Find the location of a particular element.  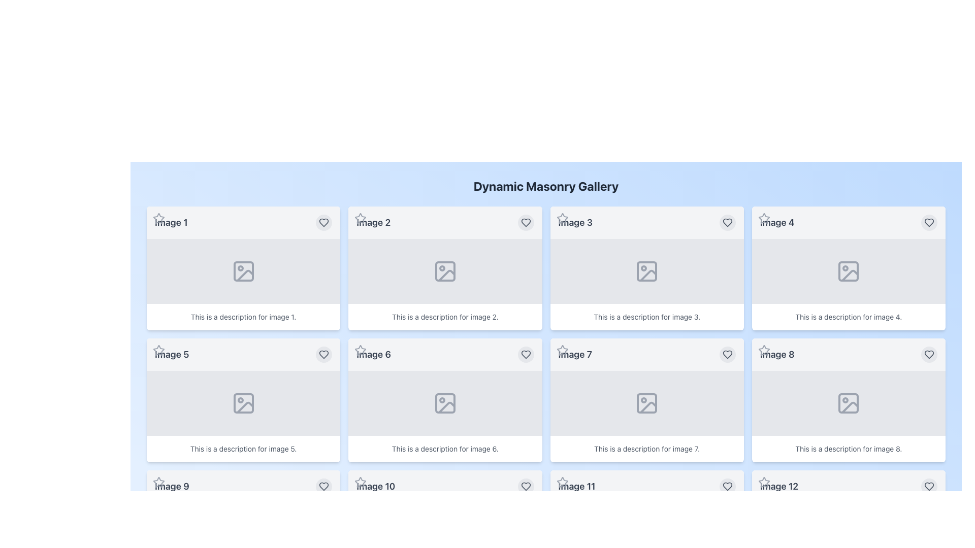

the heart icon button located in the top-right corner of the card labeled 'Image 6' in the 'Dynamic Masonry Gallery' is located at coordinates (526, 354).